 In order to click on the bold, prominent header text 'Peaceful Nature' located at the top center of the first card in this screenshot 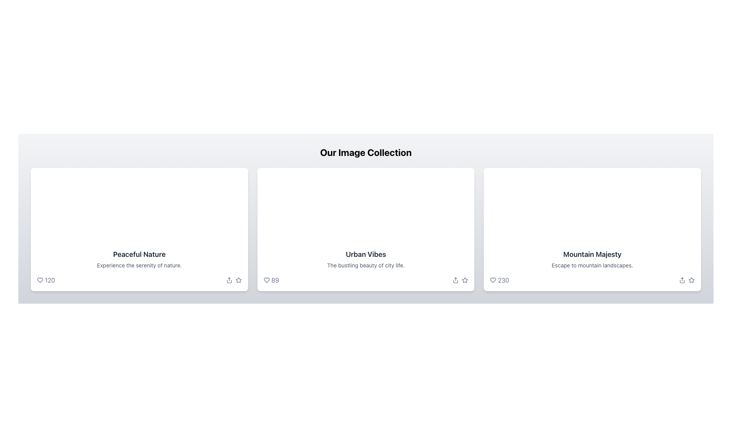, I will do `click(139, 254)`.